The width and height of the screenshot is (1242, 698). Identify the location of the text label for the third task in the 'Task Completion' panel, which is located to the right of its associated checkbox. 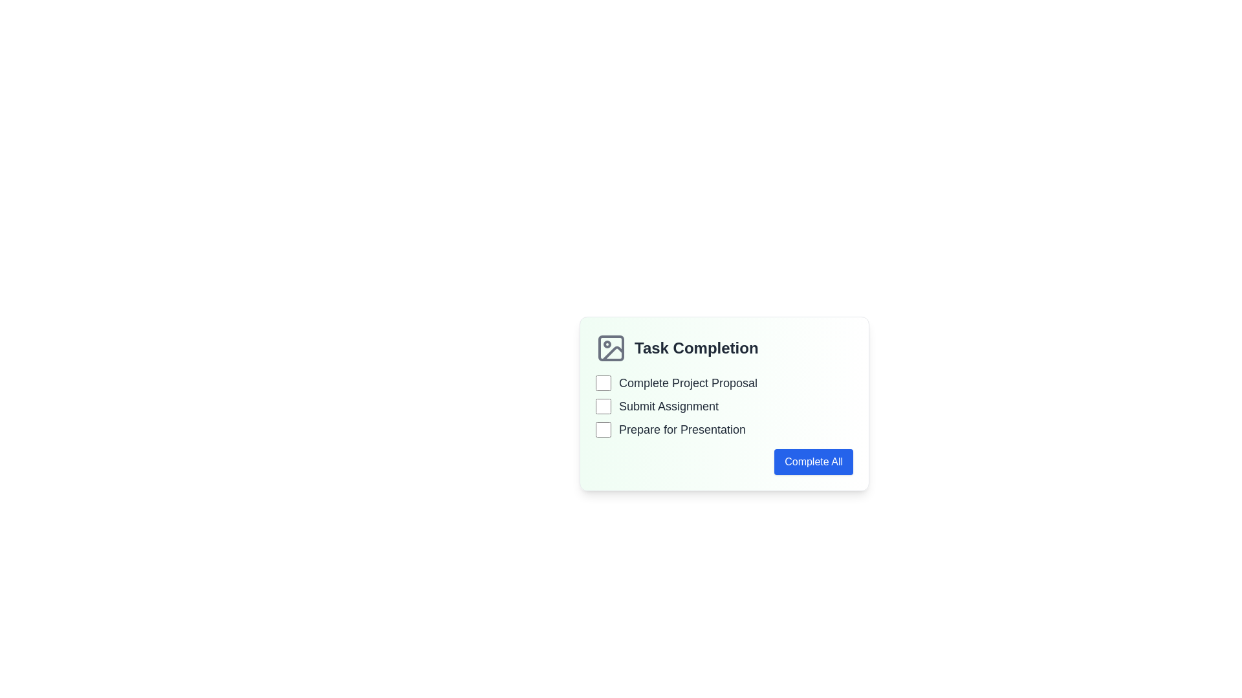
(682, 429).